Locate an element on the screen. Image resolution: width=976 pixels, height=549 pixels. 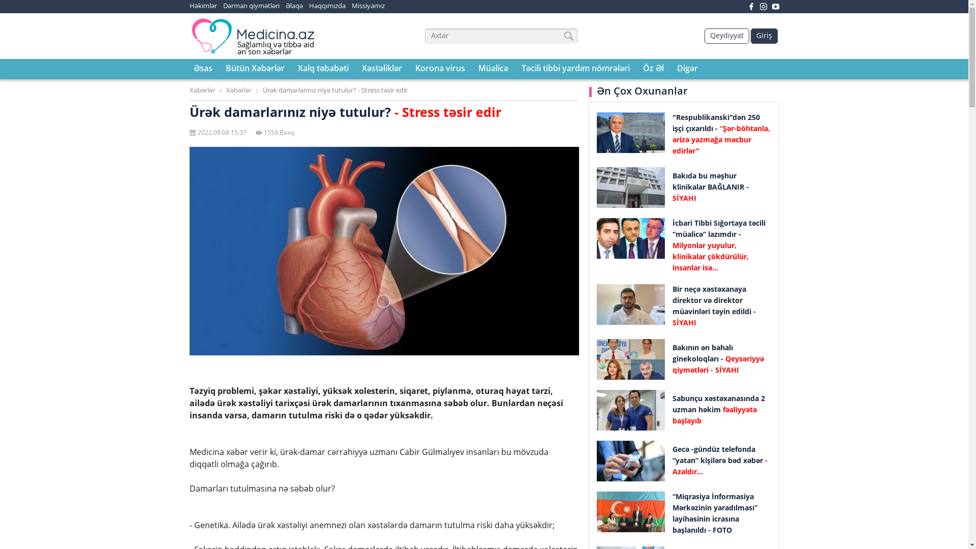
'Qeydiyyat' is located at coordinates (726, 35).